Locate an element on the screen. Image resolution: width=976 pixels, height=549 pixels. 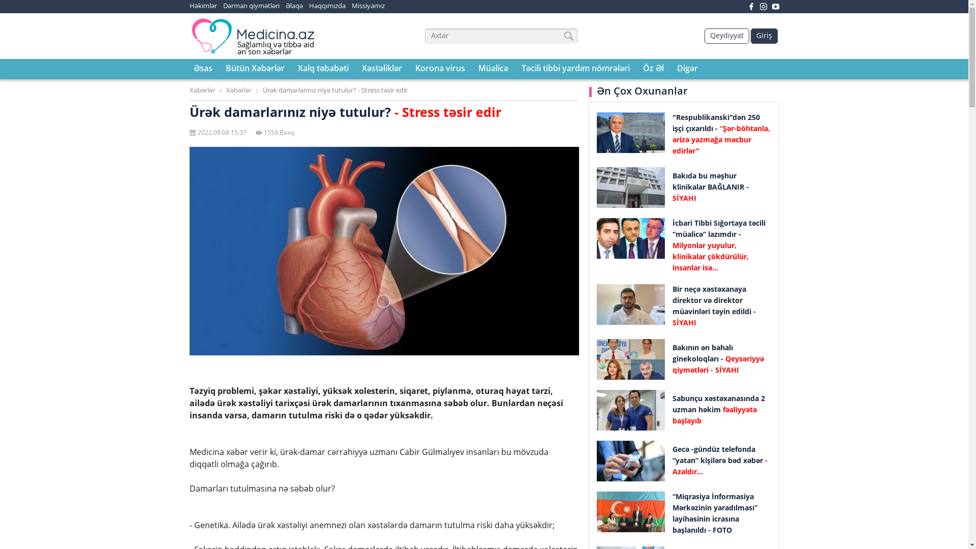
'Qeydiyyat' is located at coordinates (726, 35).